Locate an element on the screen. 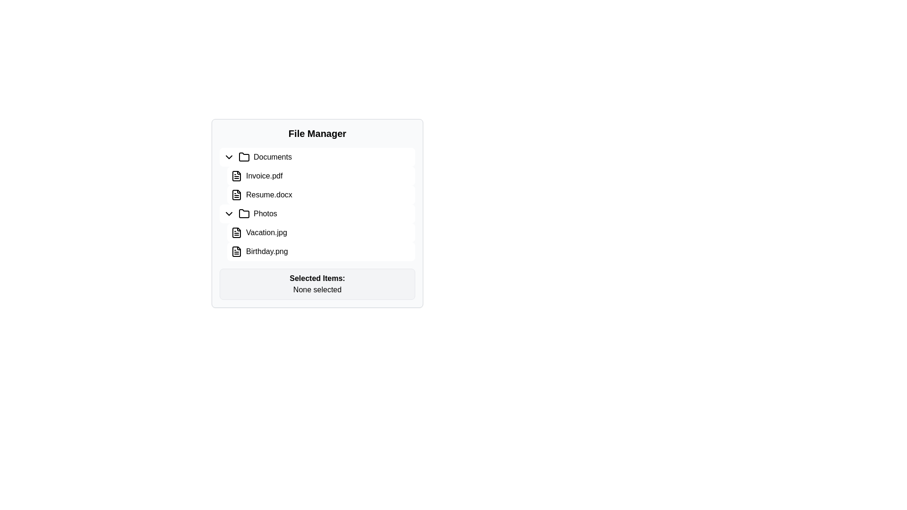  the text label displaying 'Resume.docx' is located at coordinates (268, 194).